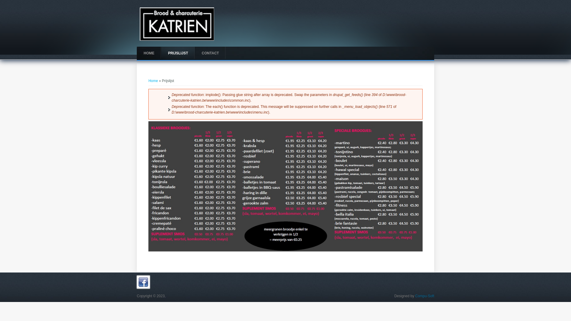  Describe the element at coordinates (210, 53) in the screenshot. I see `'CONTACT'` at that location.